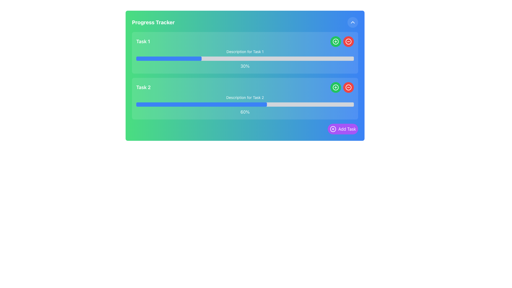  Describe the element at coordinates (245, 51) in the screenshot. I see `the descriptive label for 'Task 1' located within the card, which provides additional information about the task` at that location.